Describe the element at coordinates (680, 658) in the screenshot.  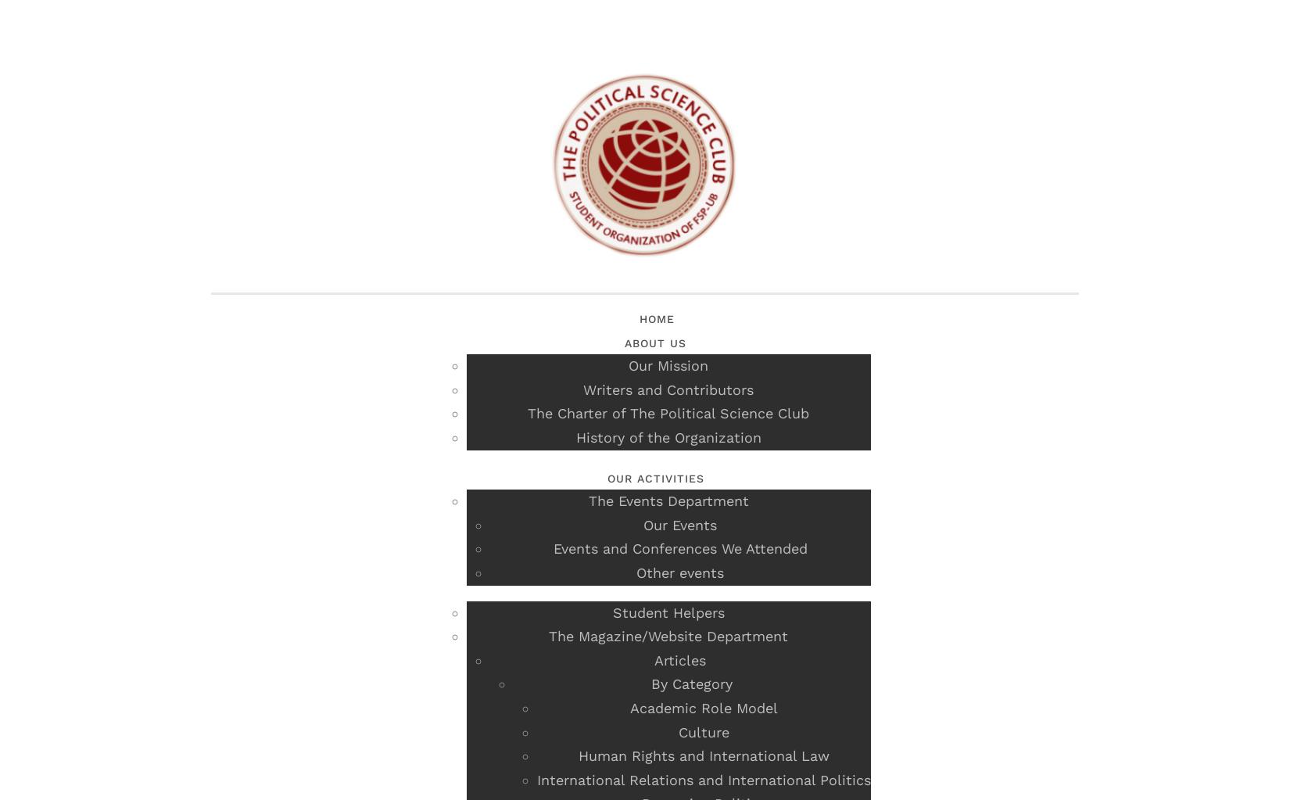
I see `'Articles'` at that location.